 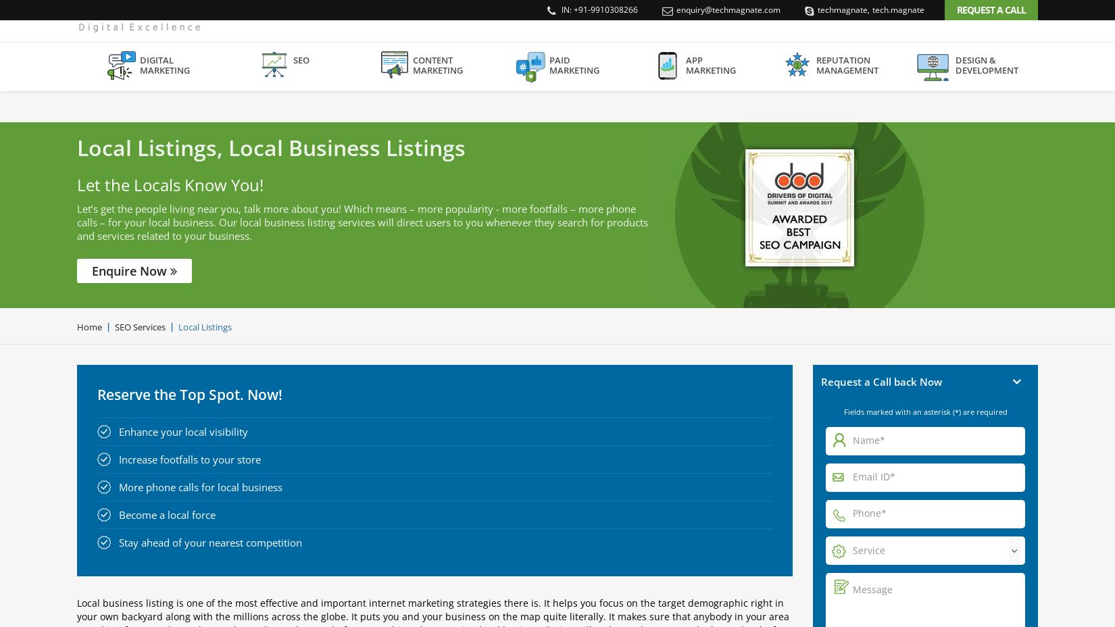 What do you see at coordinates (401, 274) in the screenshot?
I see `'Quora Marketing'` at bounding box center [401, 274].